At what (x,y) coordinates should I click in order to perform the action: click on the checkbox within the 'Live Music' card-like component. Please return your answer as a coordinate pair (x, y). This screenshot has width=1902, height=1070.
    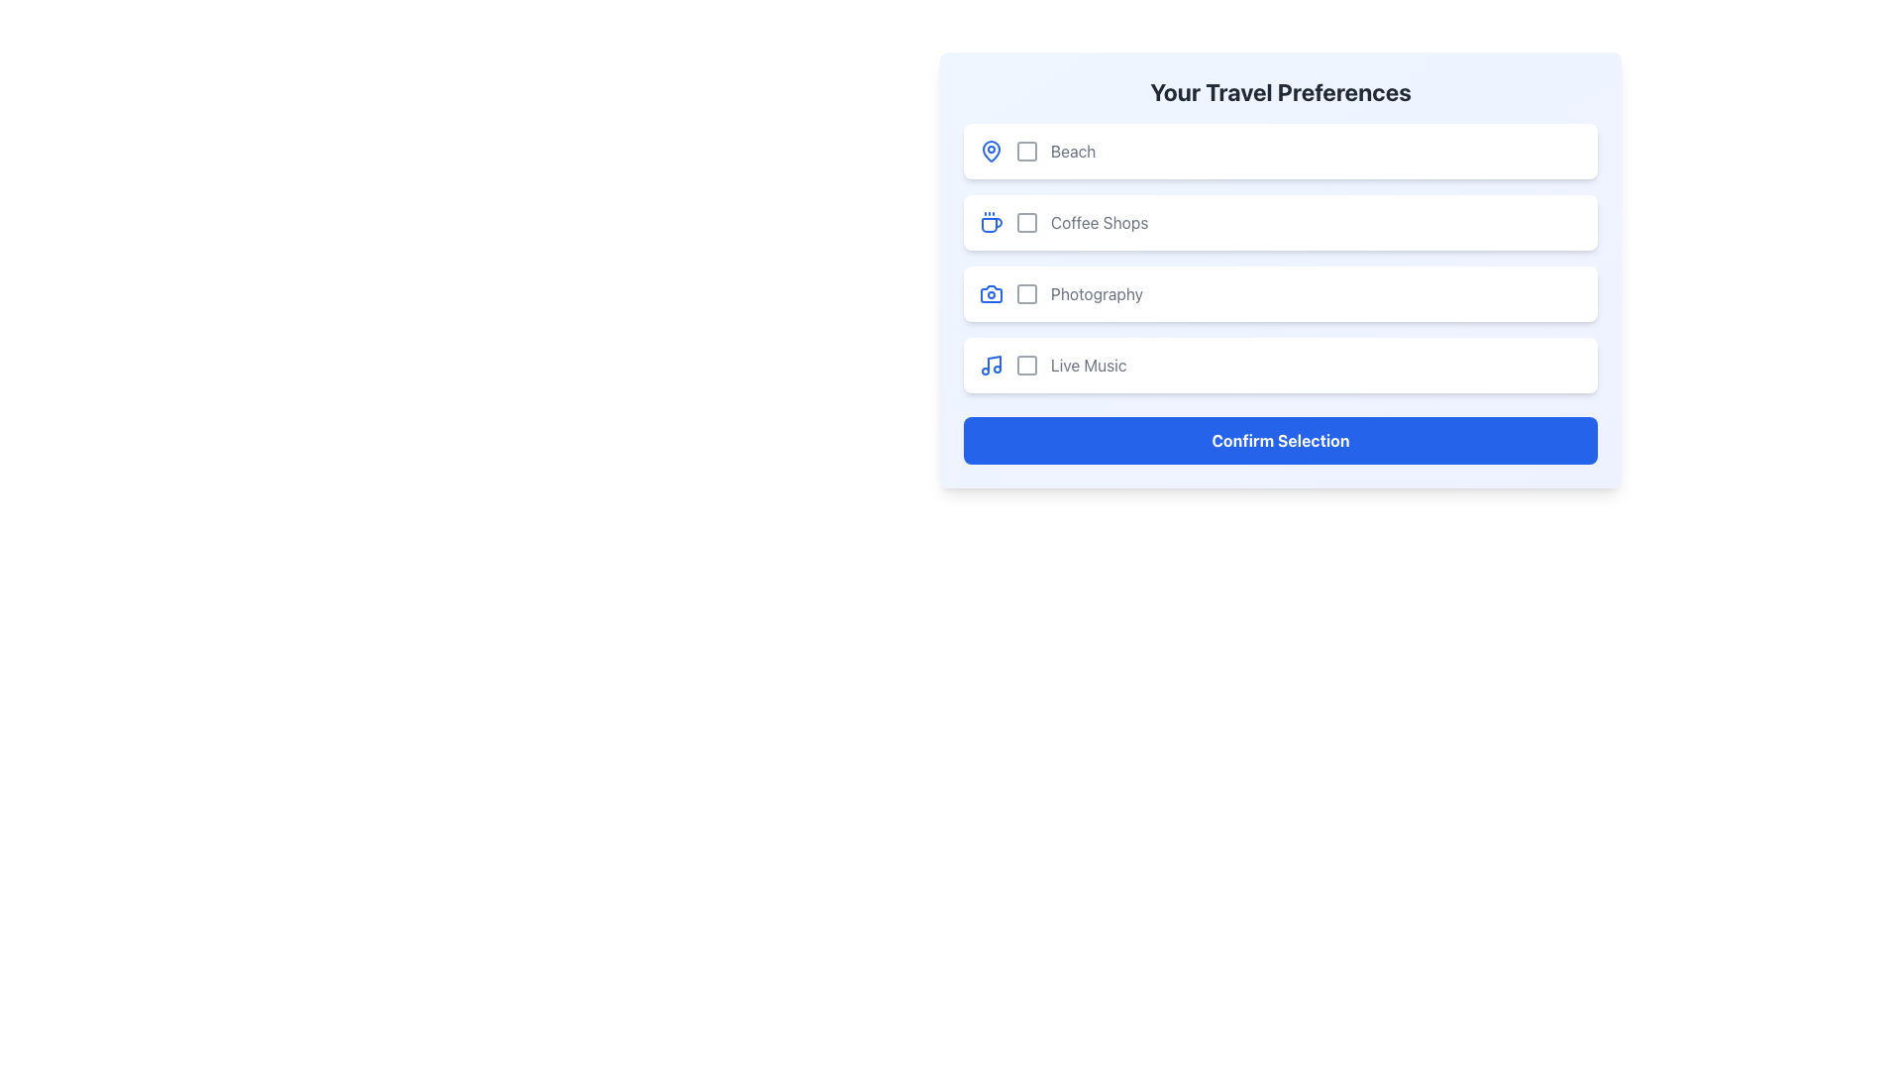
    Looking at the image, I should click on (1280, 366).